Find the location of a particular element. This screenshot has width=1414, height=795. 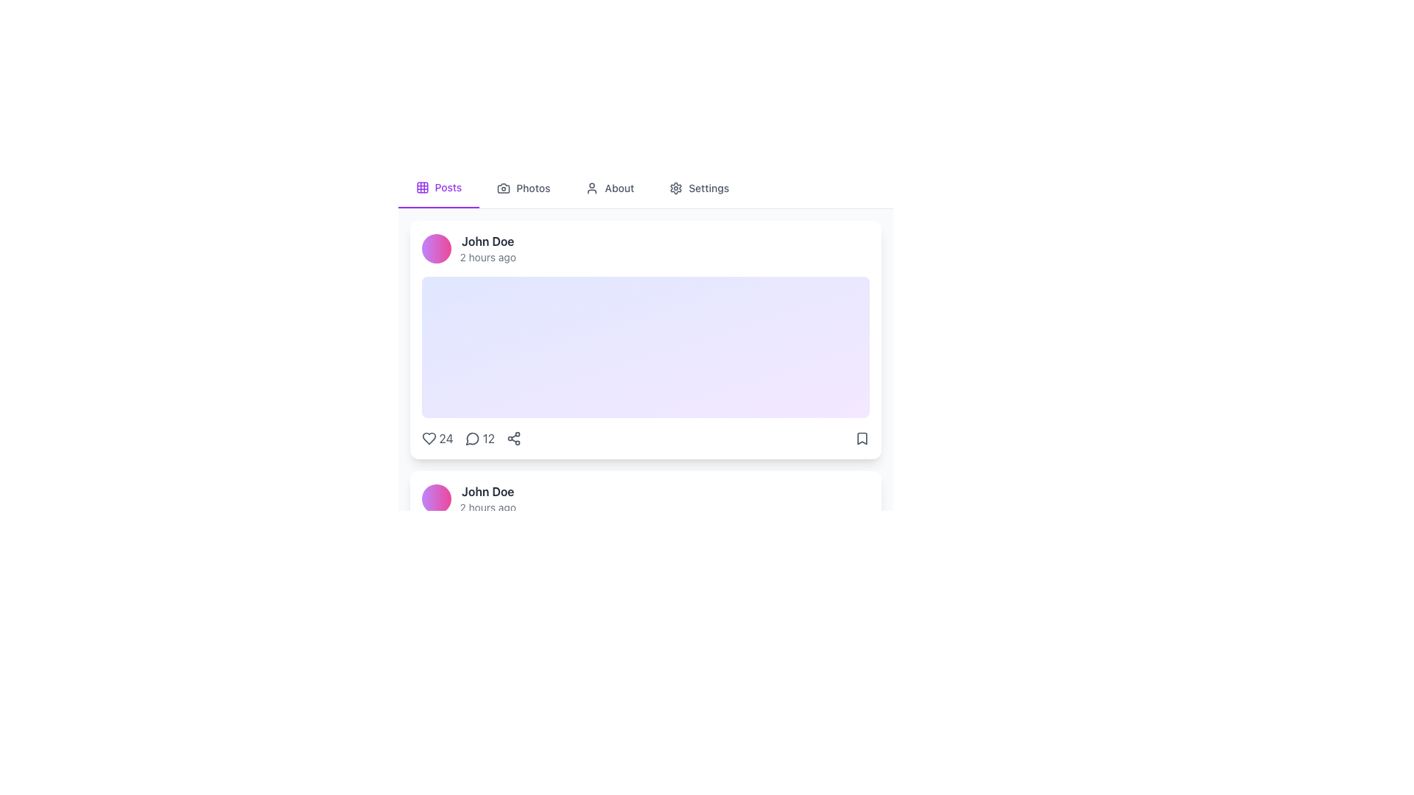

the share icon button located at the bottom right corner of the card component is located at coordinates (513, 438).